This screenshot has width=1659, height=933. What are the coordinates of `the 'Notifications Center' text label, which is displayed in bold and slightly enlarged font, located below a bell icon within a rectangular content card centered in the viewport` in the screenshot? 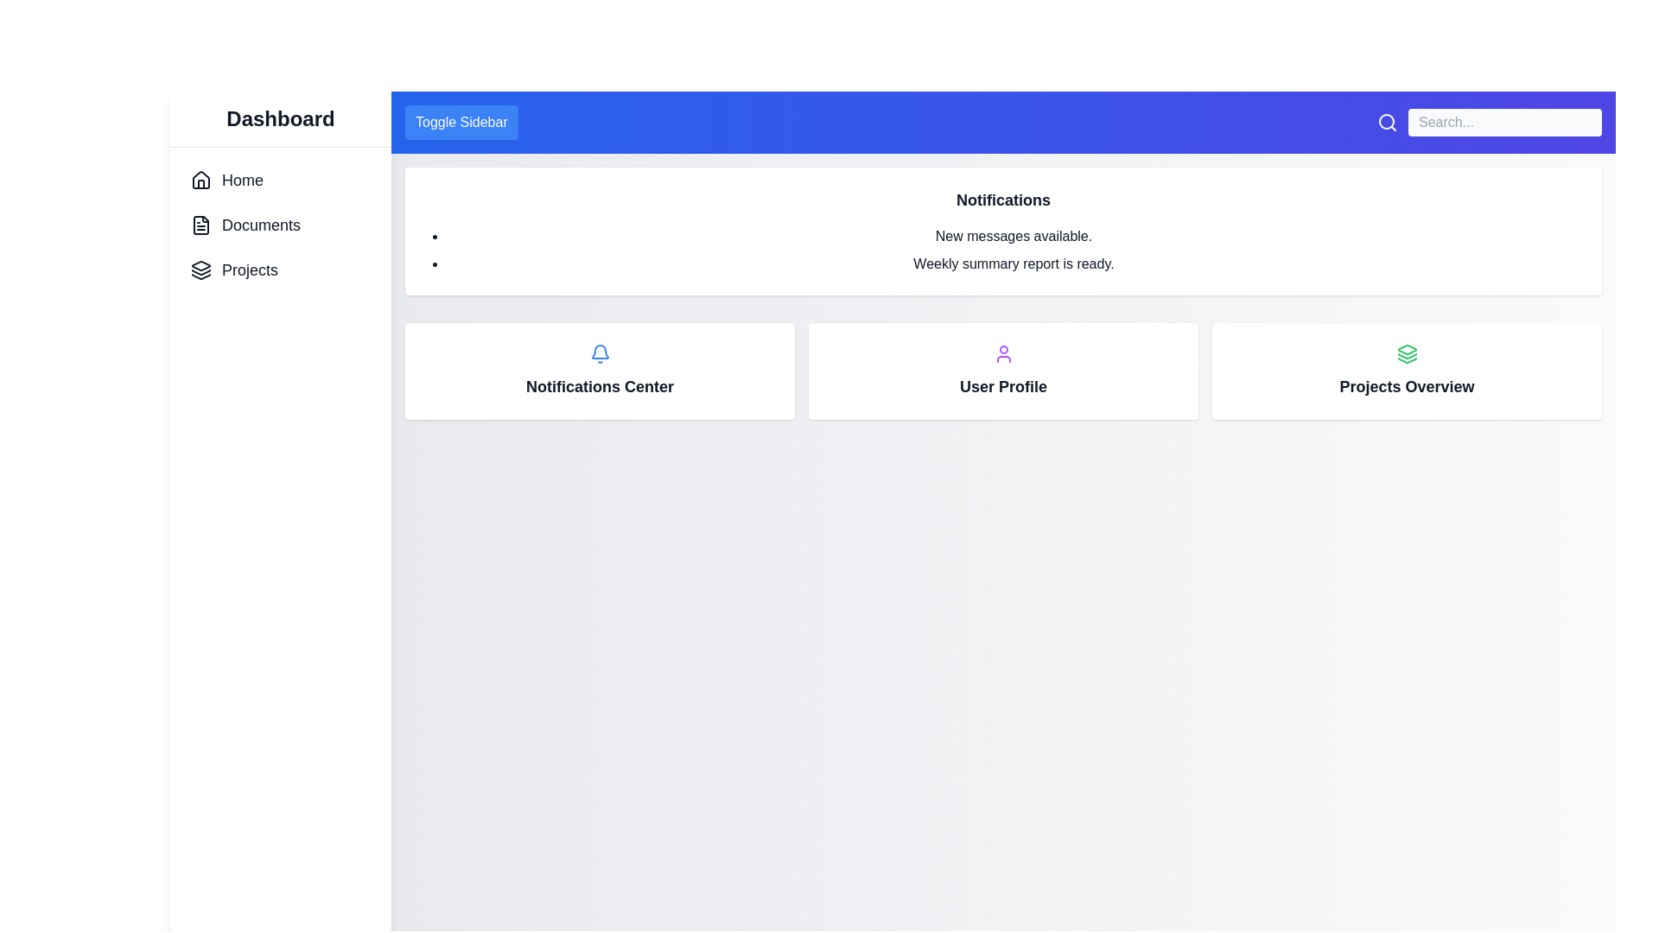 It's located at (600, 385).